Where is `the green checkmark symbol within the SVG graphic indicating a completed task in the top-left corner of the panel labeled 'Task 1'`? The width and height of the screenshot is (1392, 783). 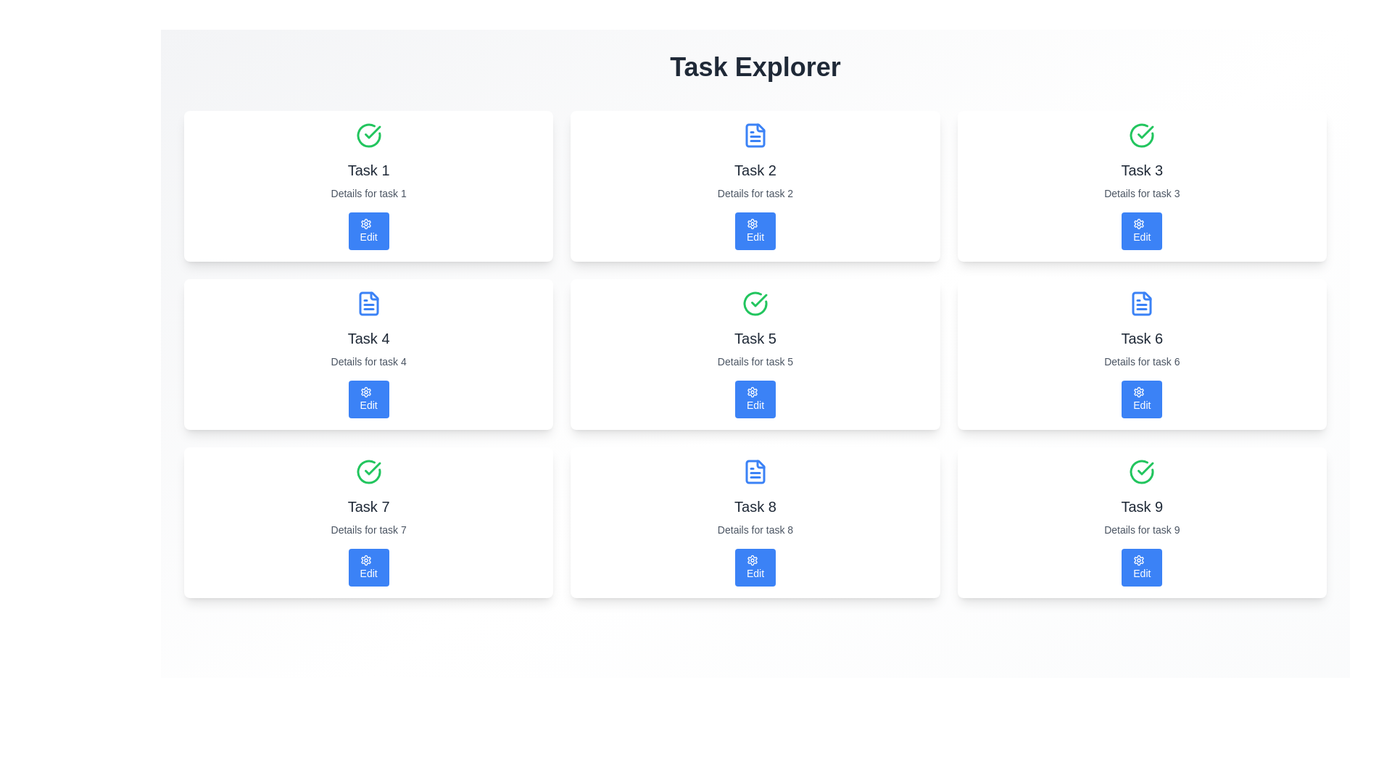
the green checkmark symbol within the SVG graphic indicating a completed task in the top-left corner of the panel labeled 'Task 1' is located at coordinates (372, 468).